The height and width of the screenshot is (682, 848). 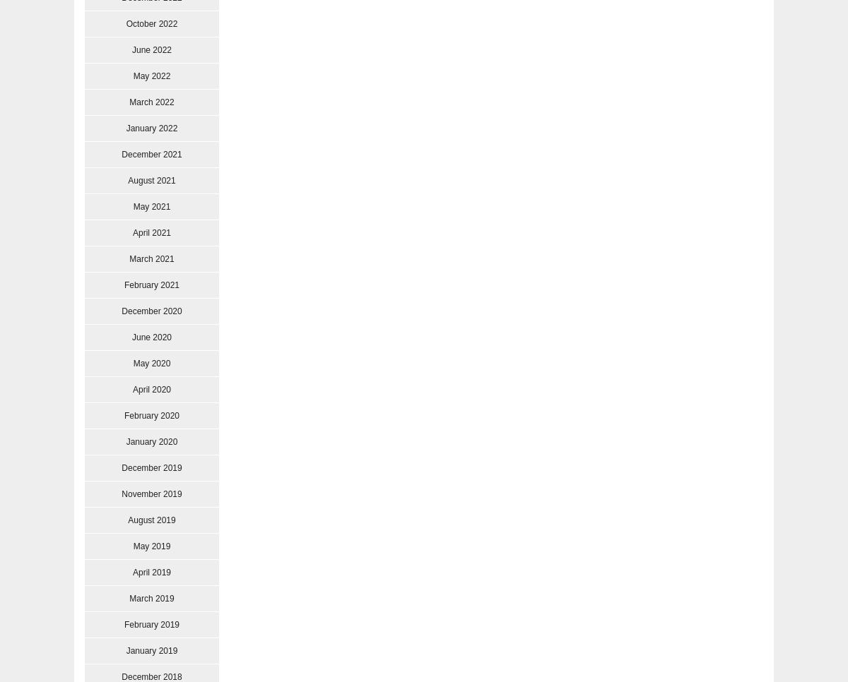 What do you see at coordinates (151, 545) in the screenshot?
I see `'May 2019'` at bounding box center [151, 545].